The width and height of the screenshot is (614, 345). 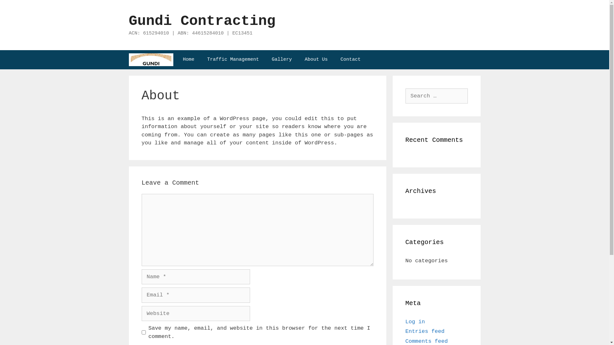 What do you see at coordinates (16, 7) in the screenshot?
I see `'Search'` at bounding box center [16, 7].